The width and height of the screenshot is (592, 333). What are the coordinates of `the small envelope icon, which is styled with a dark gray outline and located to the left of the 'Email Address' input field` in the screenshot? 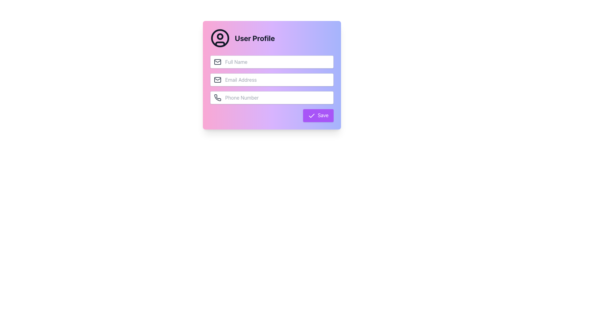 It's located at (217, 79).